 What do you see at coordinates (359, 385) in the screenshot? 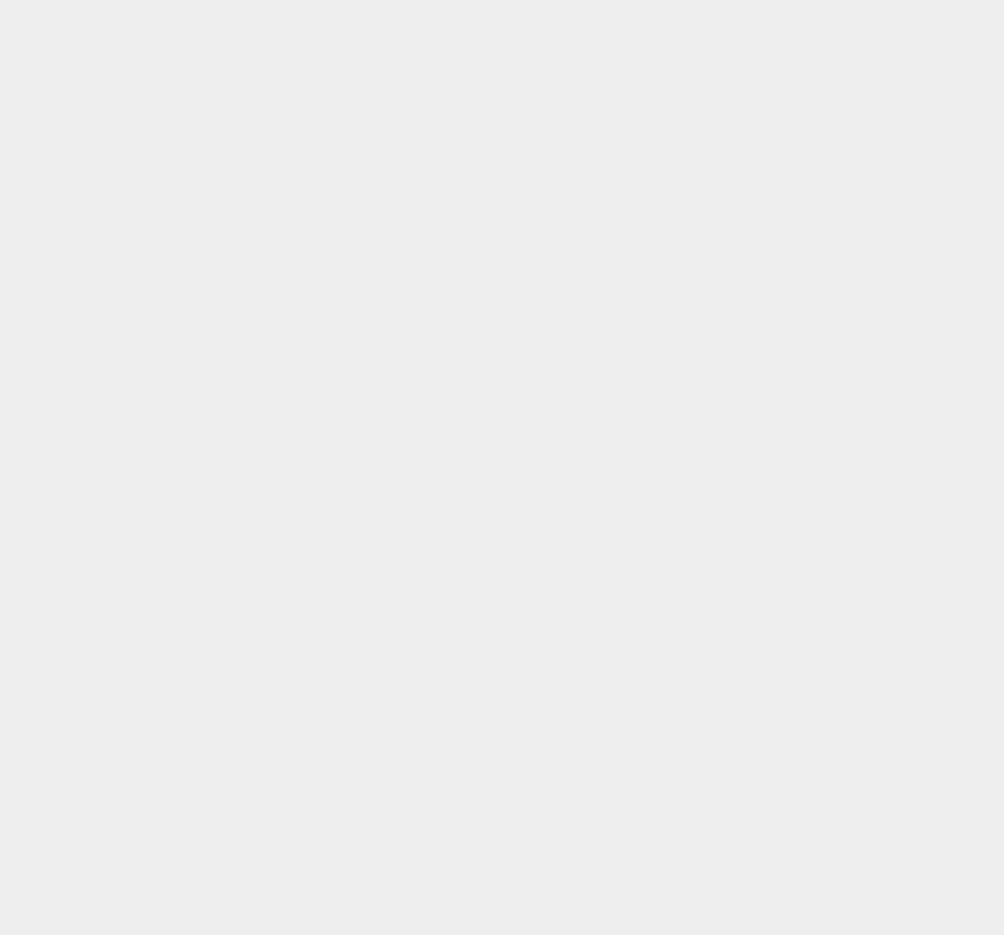
I see `'social network in June 2011.'` at bounding box center [359, 385].